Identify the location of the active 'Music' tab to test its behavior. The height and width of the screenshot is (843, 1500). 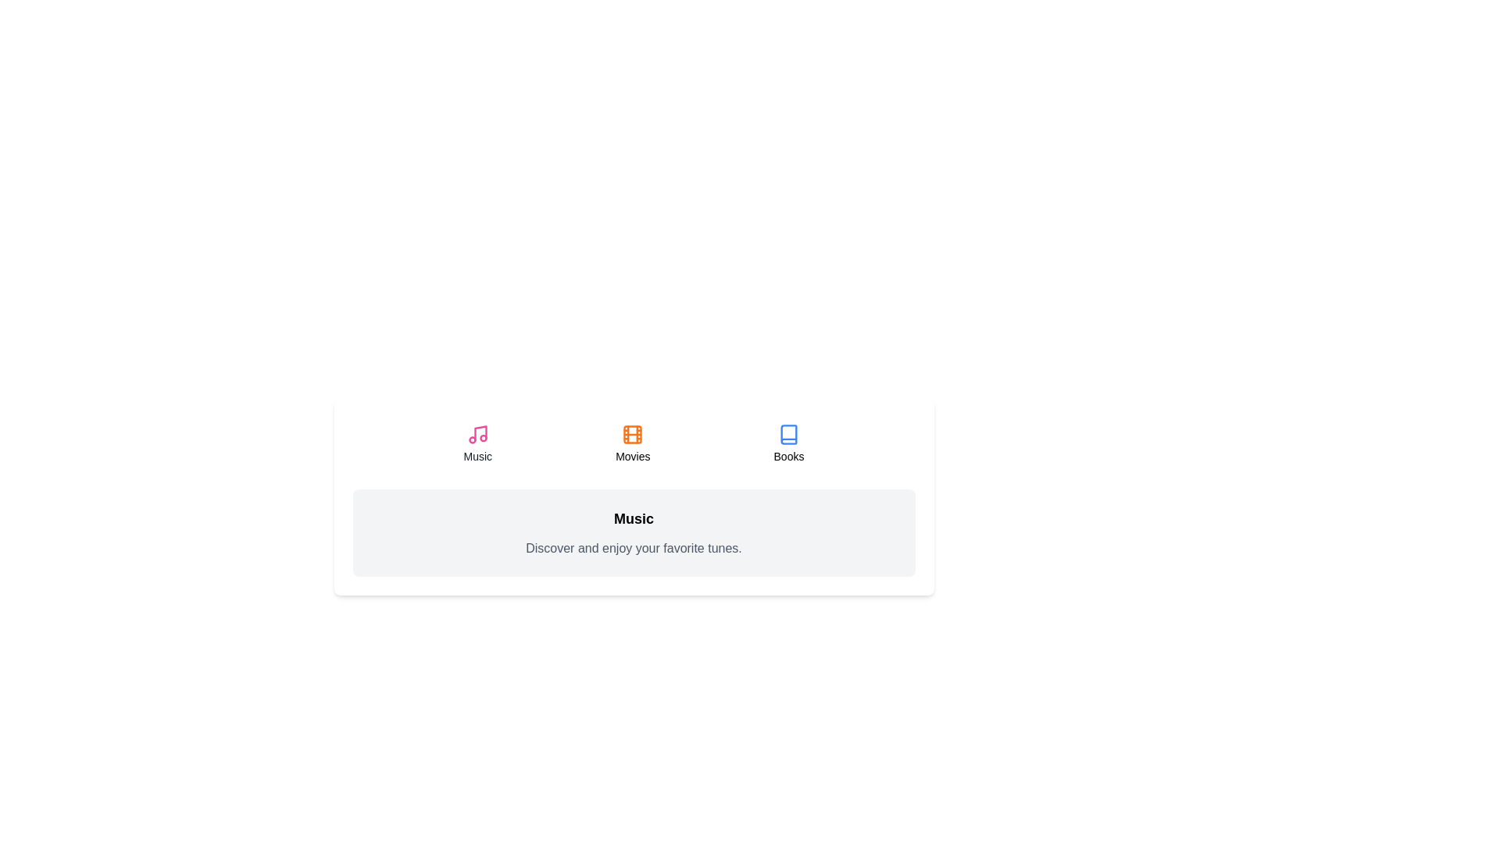
(476, 444).